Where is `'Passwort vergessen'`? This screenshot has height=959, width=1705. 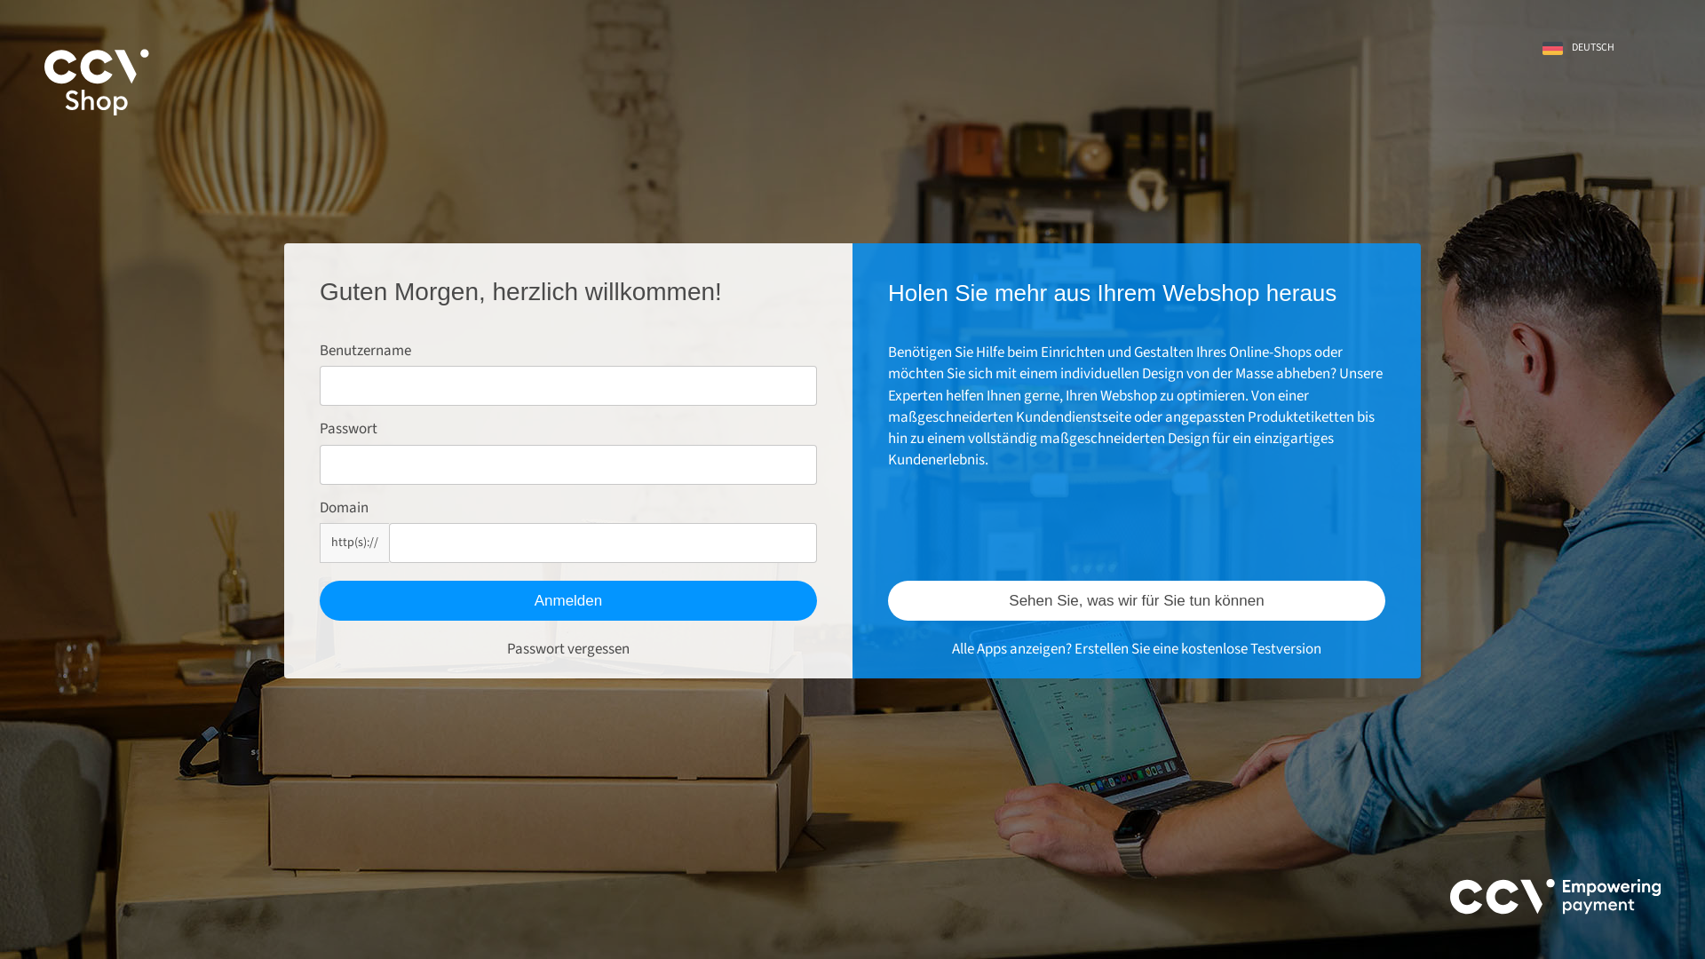 'Passwort vergessen' is located at coordinates (567, 649).